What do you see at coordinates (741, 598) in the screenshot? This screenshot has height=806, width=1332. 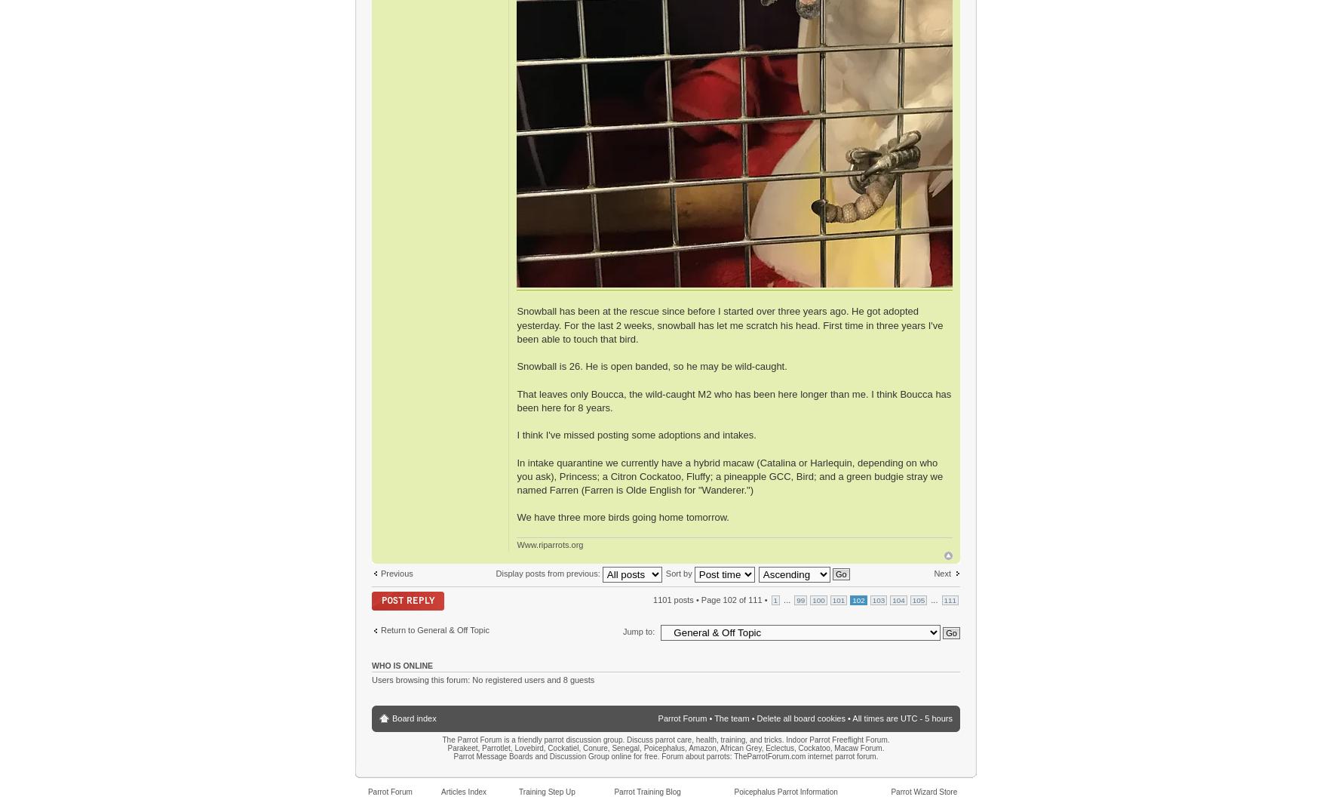 I see `'of'` at bounding box center [741, 598].